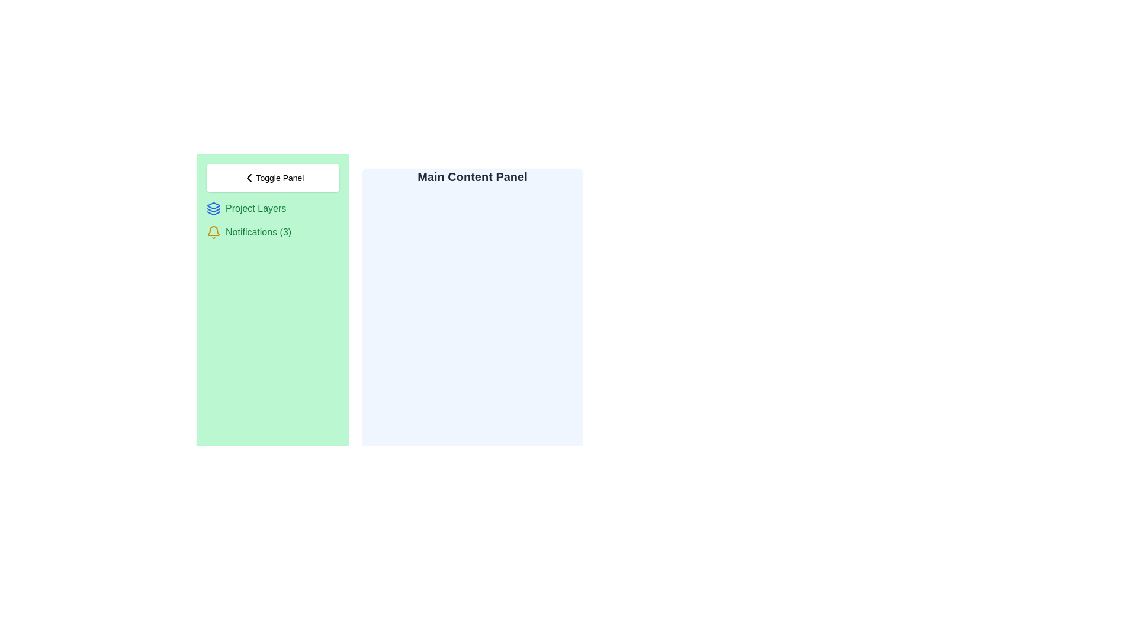  I want to click on the icon representing layers, so click(213, 208).